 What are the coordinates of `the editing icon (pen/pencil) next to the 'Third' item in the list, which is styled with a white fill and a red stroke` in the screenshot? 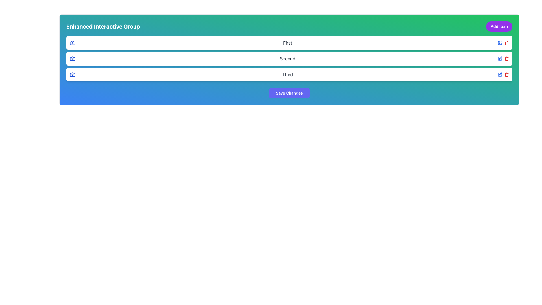 It's located at (500, 74).